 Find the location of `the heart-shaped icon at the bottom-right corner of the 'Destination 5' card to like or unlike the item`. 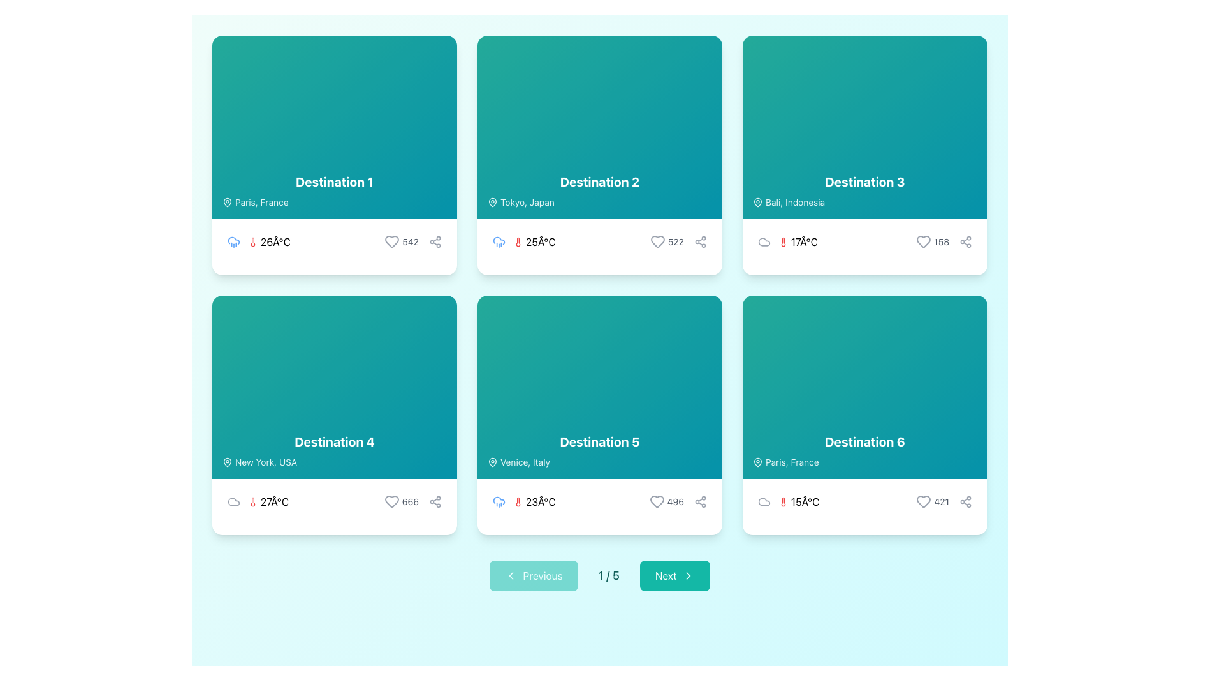

the heart-shaped icon at the bottom-right corner of the 'Destination 5' card to like or unlike the item is located at coordinates (657, 501).